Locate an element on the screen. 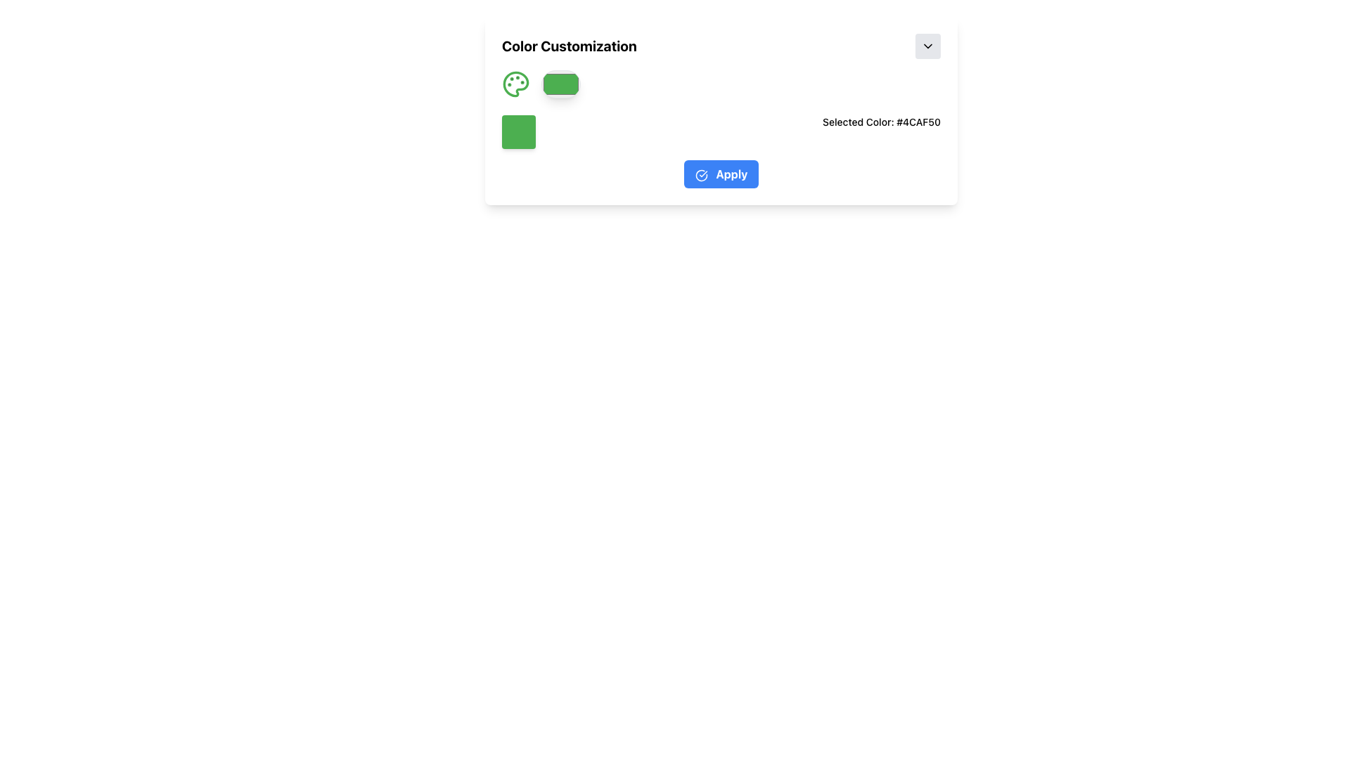  the 'Color Customization' text label, which is a large, bold, black textual label positioned at the upper left of the interface panel is located at coordinates (570, 45).